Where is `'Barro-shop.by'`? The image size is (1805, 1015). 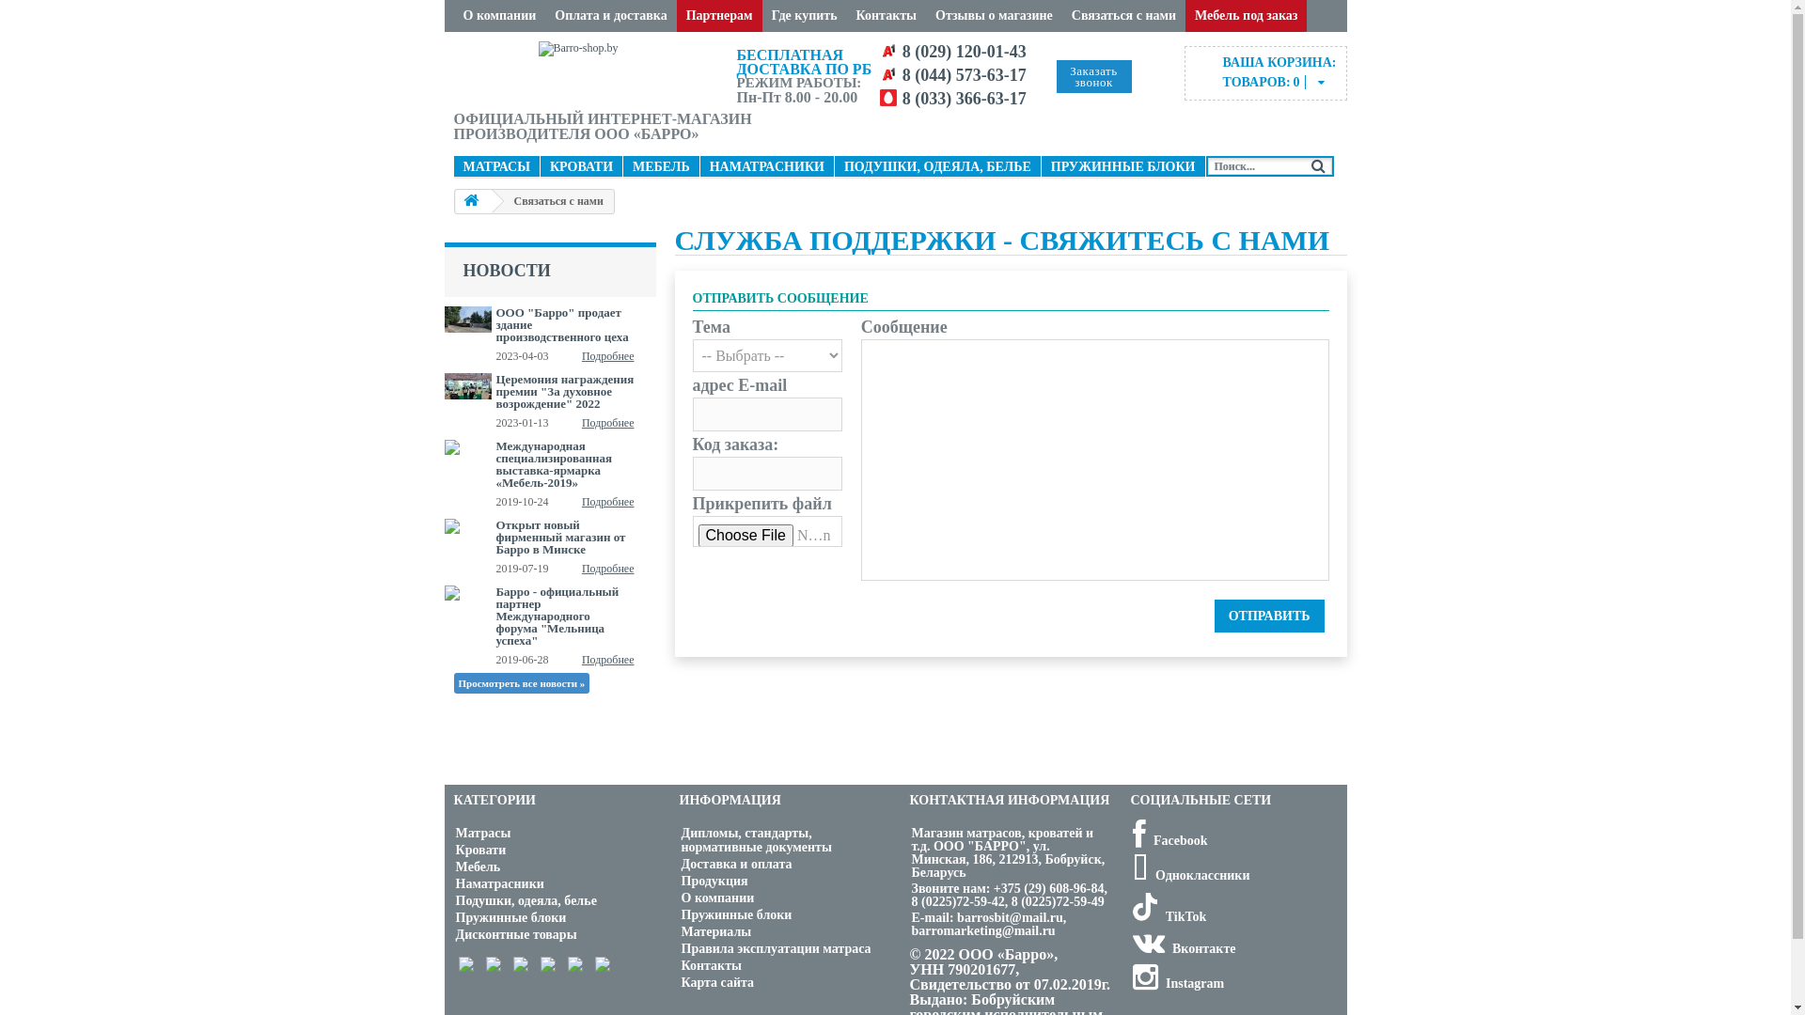 'Barro-shop.by' is located at coordinates (590, 70).